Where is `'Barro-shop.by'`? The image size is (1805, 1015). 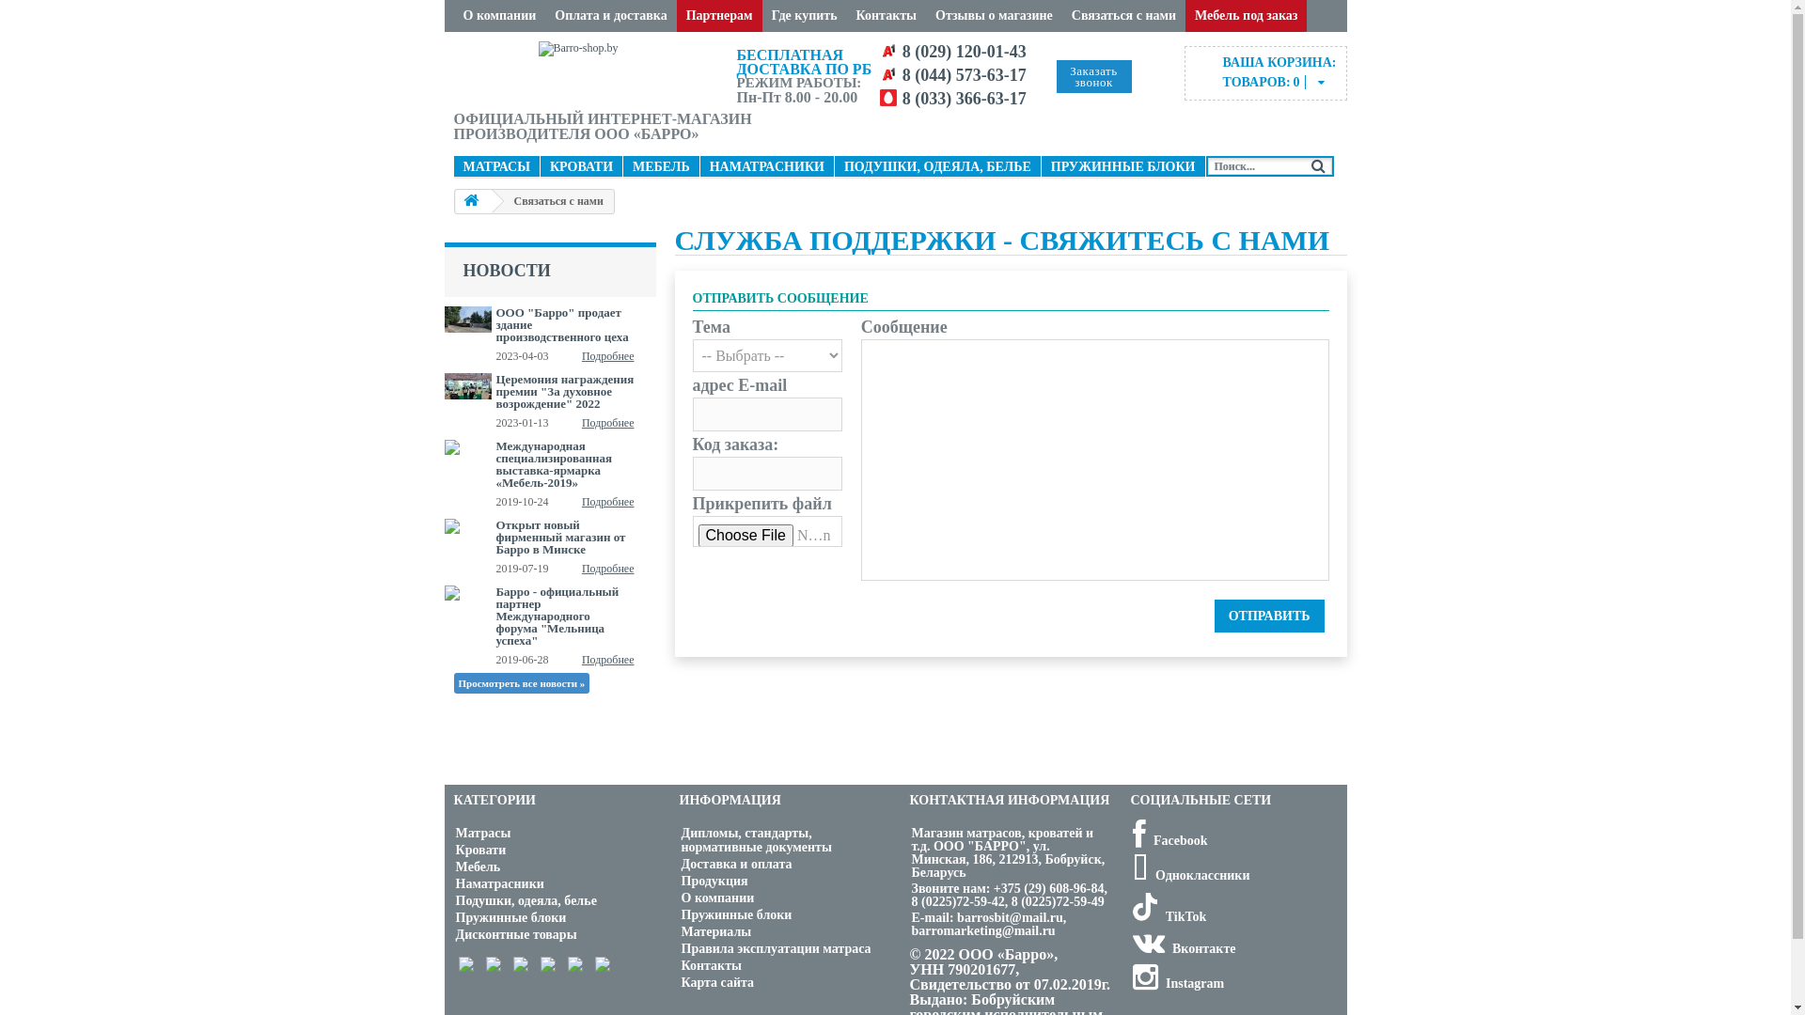 'Barro-shop.by' is located at coordinates (590, 70).